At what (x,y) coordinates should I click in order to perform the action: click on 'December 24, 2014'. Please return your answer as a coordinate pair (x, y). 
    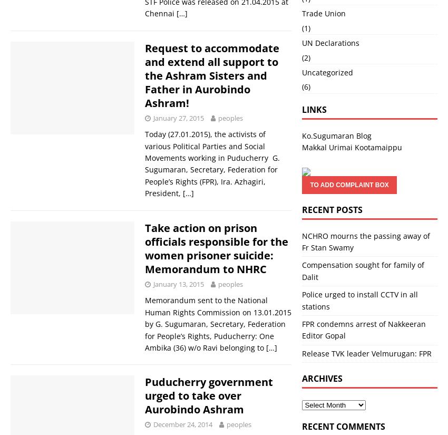
    Looking at the image, I should click on (153, 424).